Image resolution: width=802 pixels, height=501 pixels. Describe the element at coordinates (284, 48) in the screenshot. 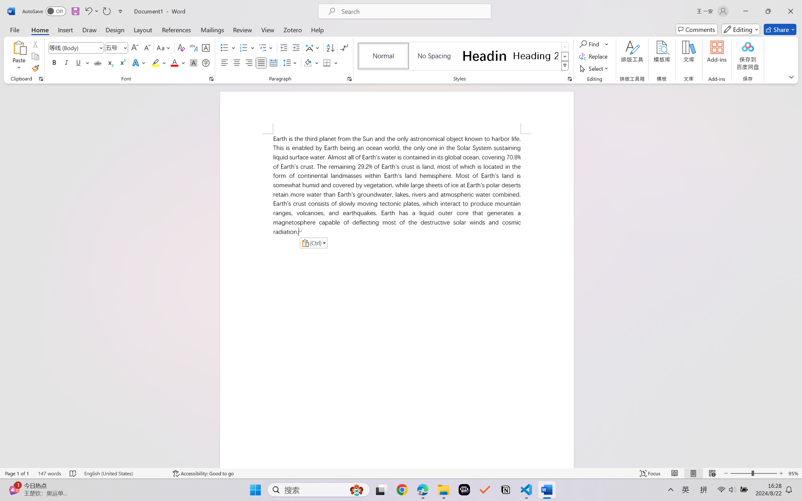

I see `'Decrease Indent'` at that location.